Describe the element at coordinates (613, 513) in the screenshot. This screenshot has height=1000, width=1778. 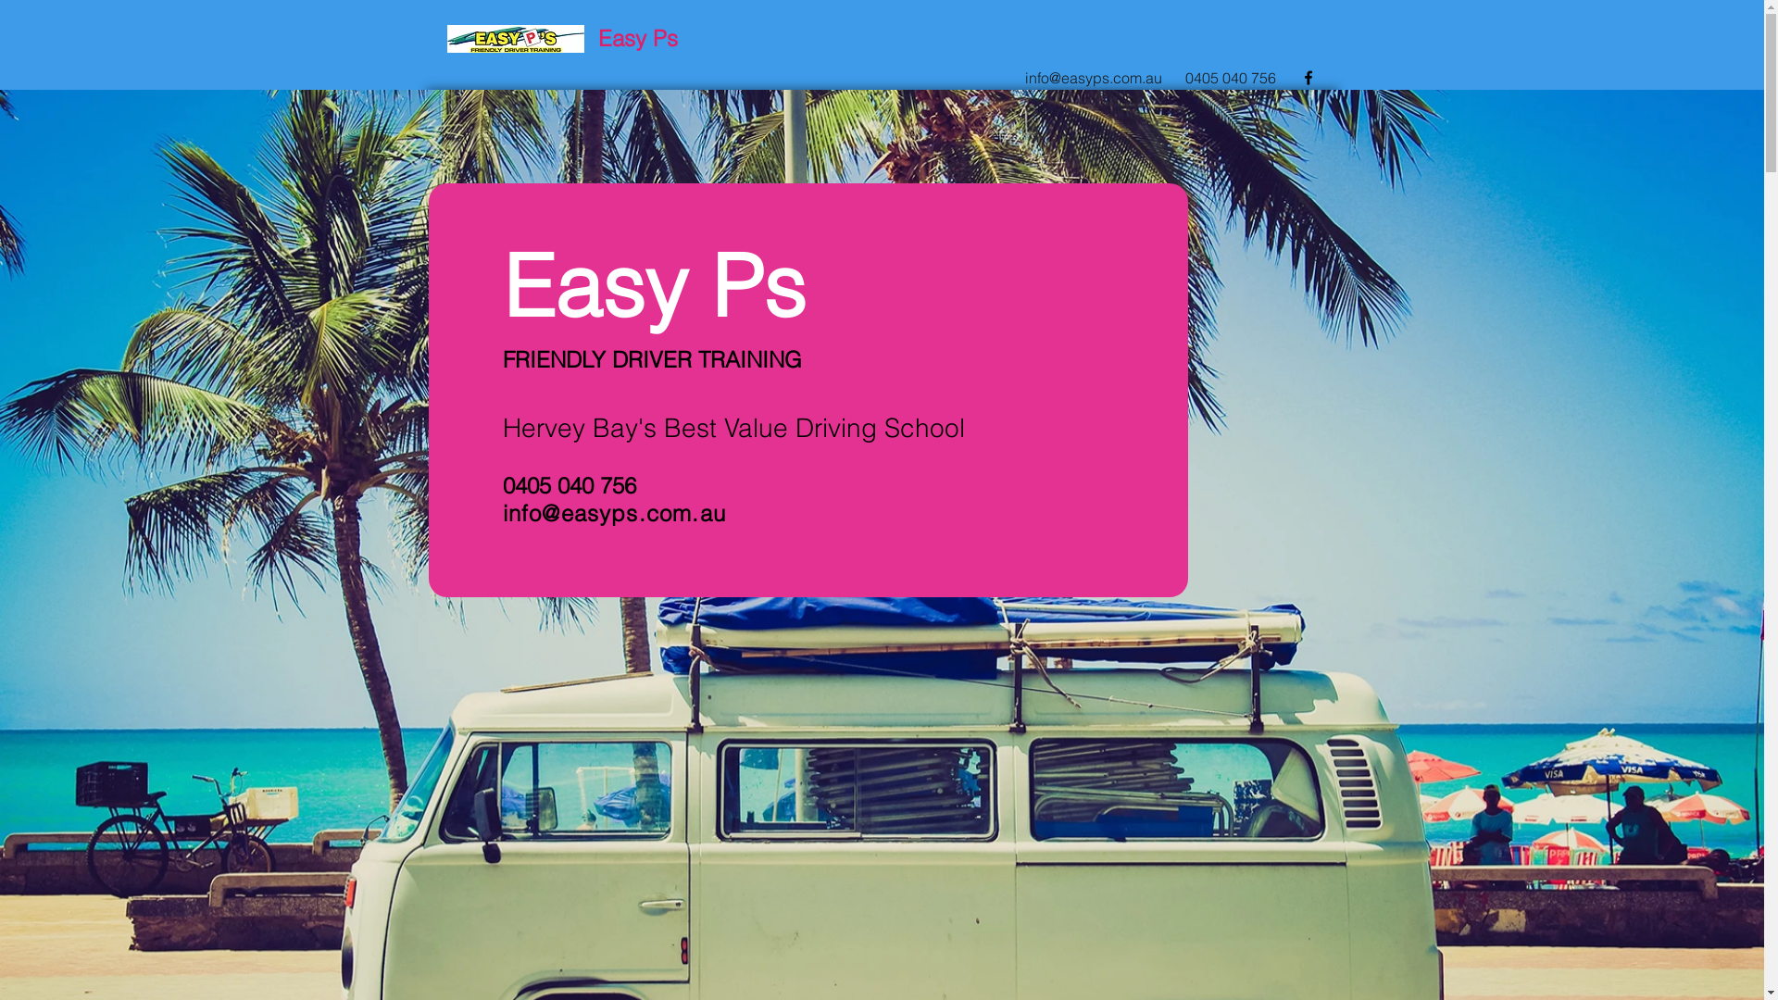
I see `'info@easyps.com.au'` at that location.